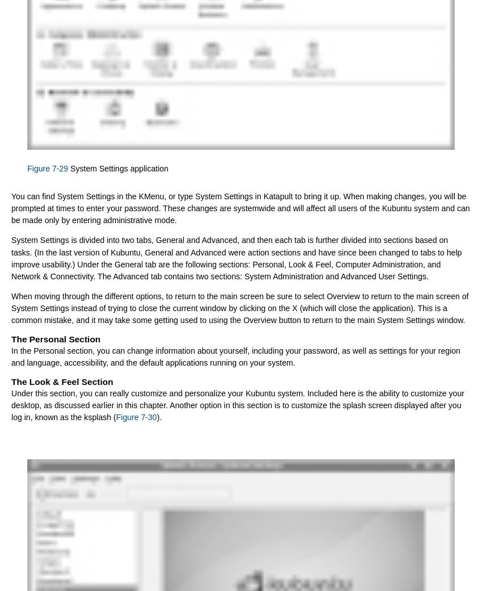 The width and height of the screenshot is (482, 591). What do you see at coordinates (61, 381) in the screenshot?
I see `'The Look & Feel Section'` at bounding box center [61, 381].